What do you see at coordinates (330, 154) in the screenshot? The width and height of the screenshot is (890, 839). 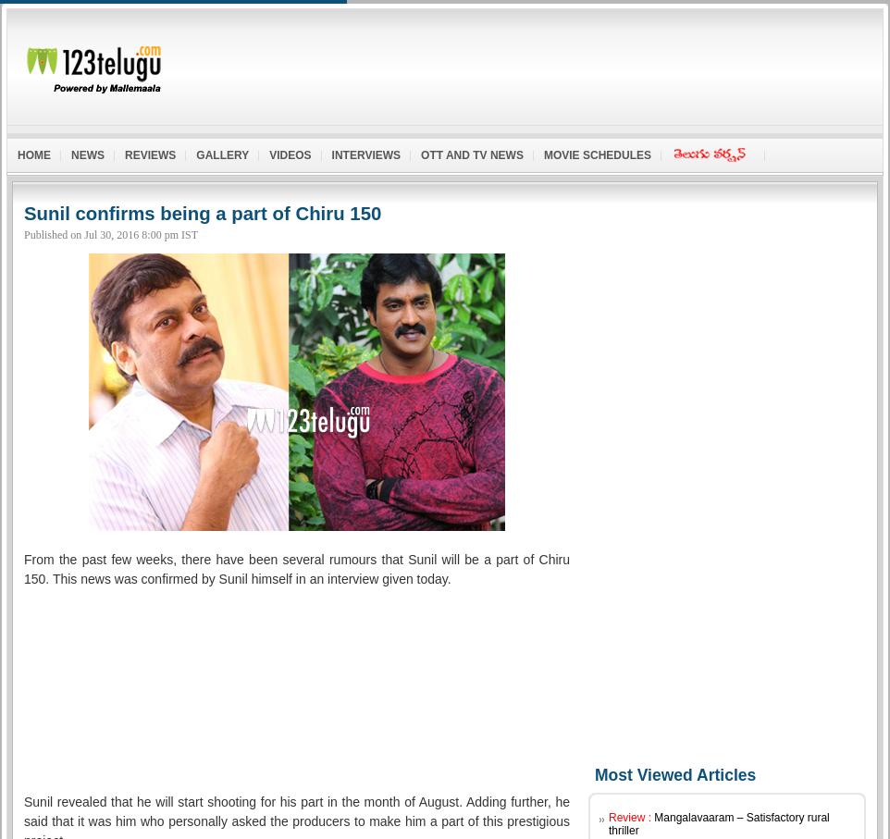 I see `'Interviews'` at bounding box center [330, 154].